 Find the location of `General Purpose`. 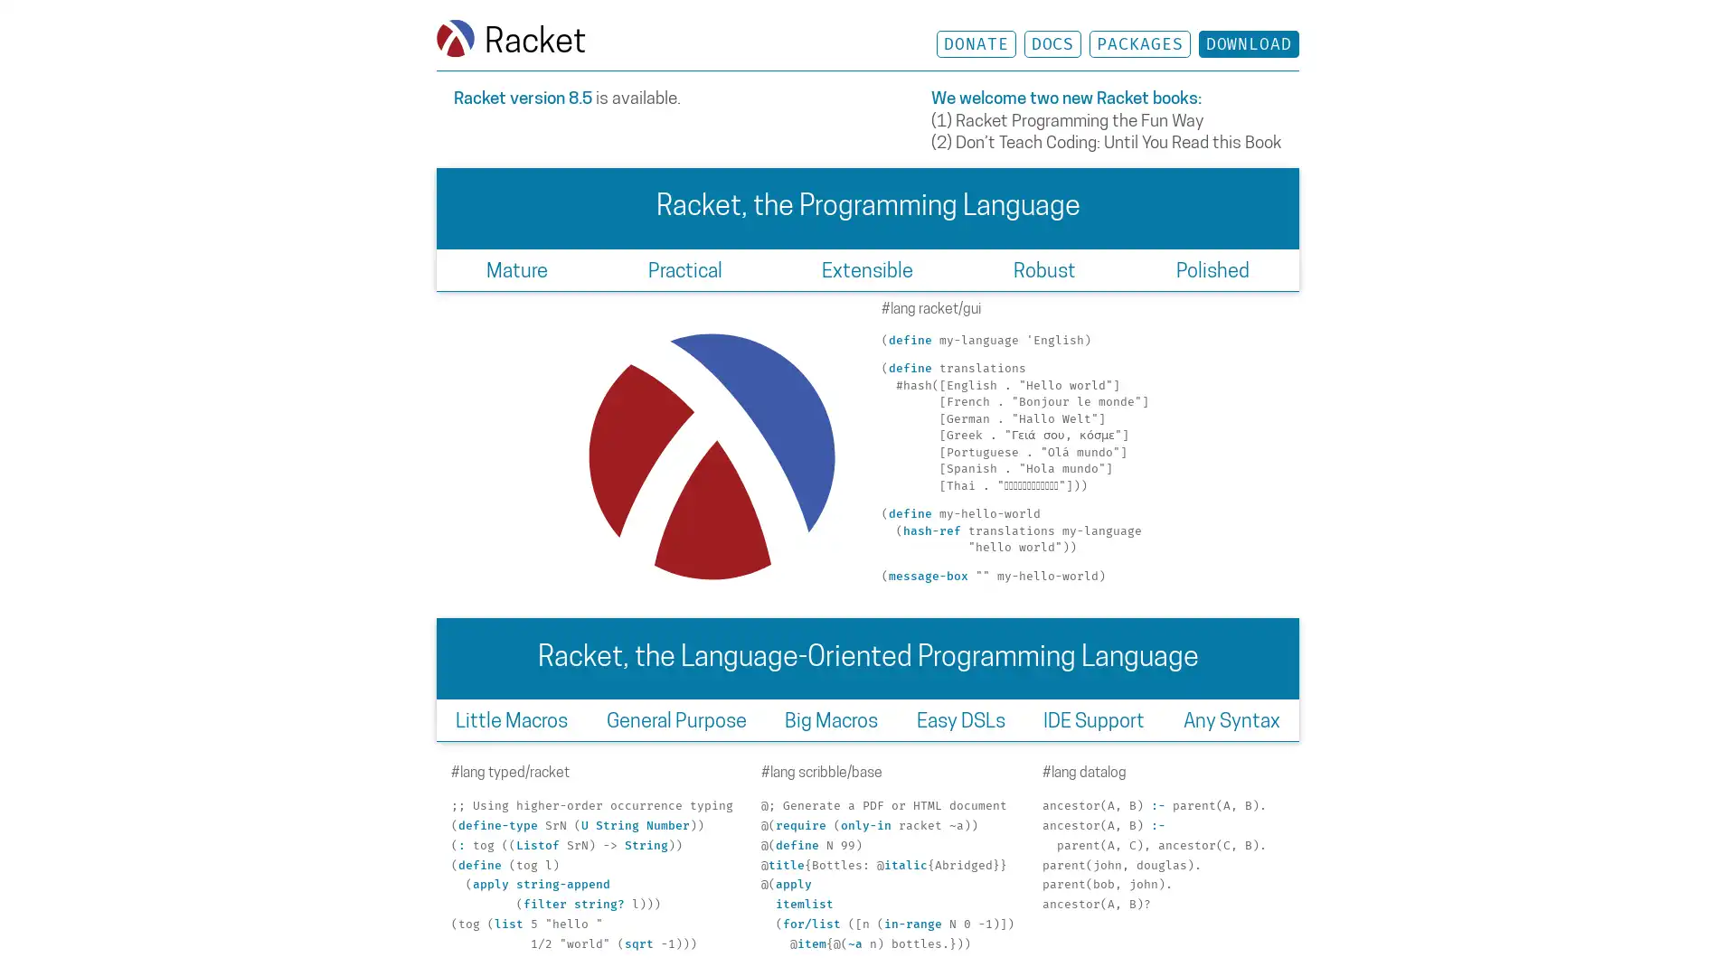

General Purpose is located at coordinates (675, 718).